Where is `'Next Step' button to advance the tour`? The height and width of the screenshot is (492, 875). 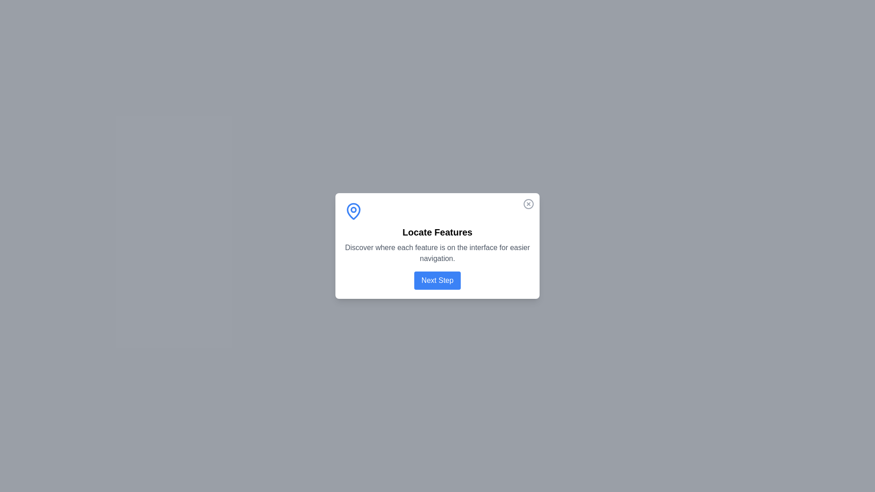
'Next Step' button to advance the tour is located at coordinates (437, 280).